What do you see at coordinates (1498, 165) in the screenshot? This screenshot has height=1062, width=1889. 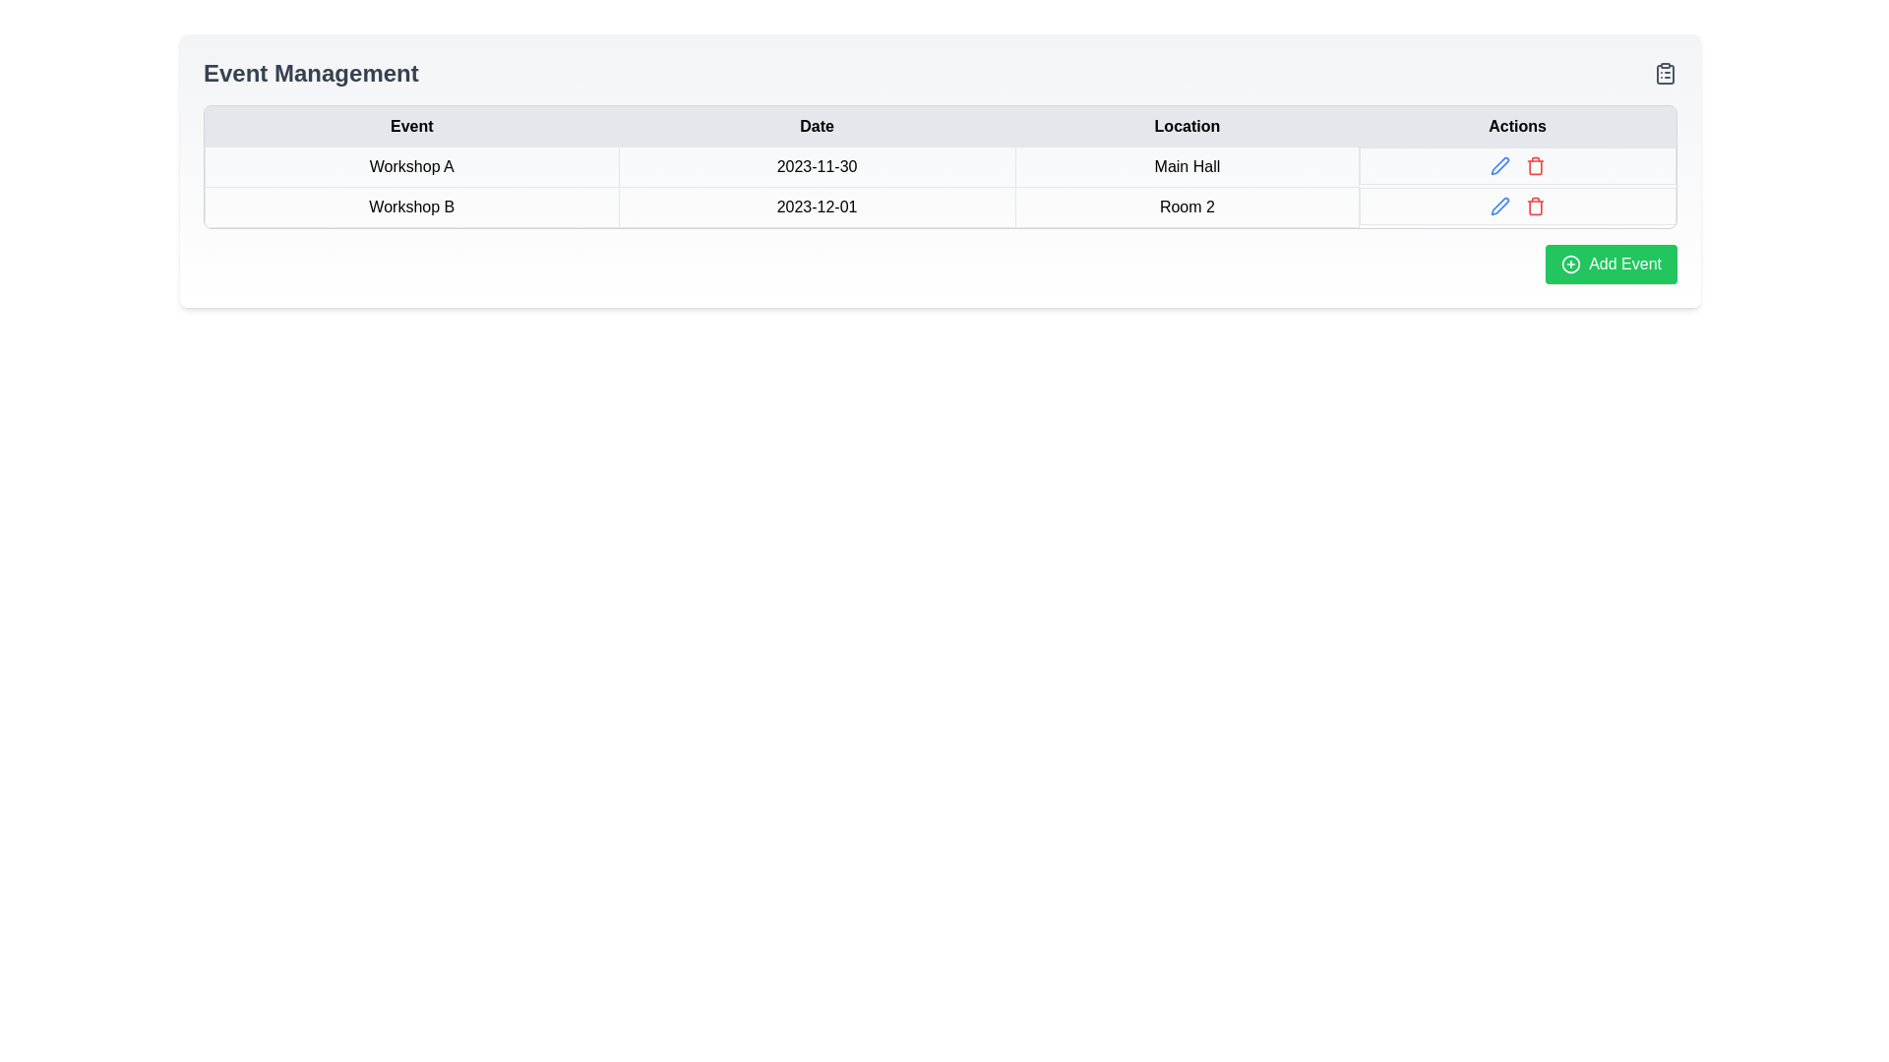 I see `the edit icon button, identifiable by a pen or pencil symbol, located in the action column of the 'Workshop B' row to initiate the edit action` at bounding box center [1498, 165].